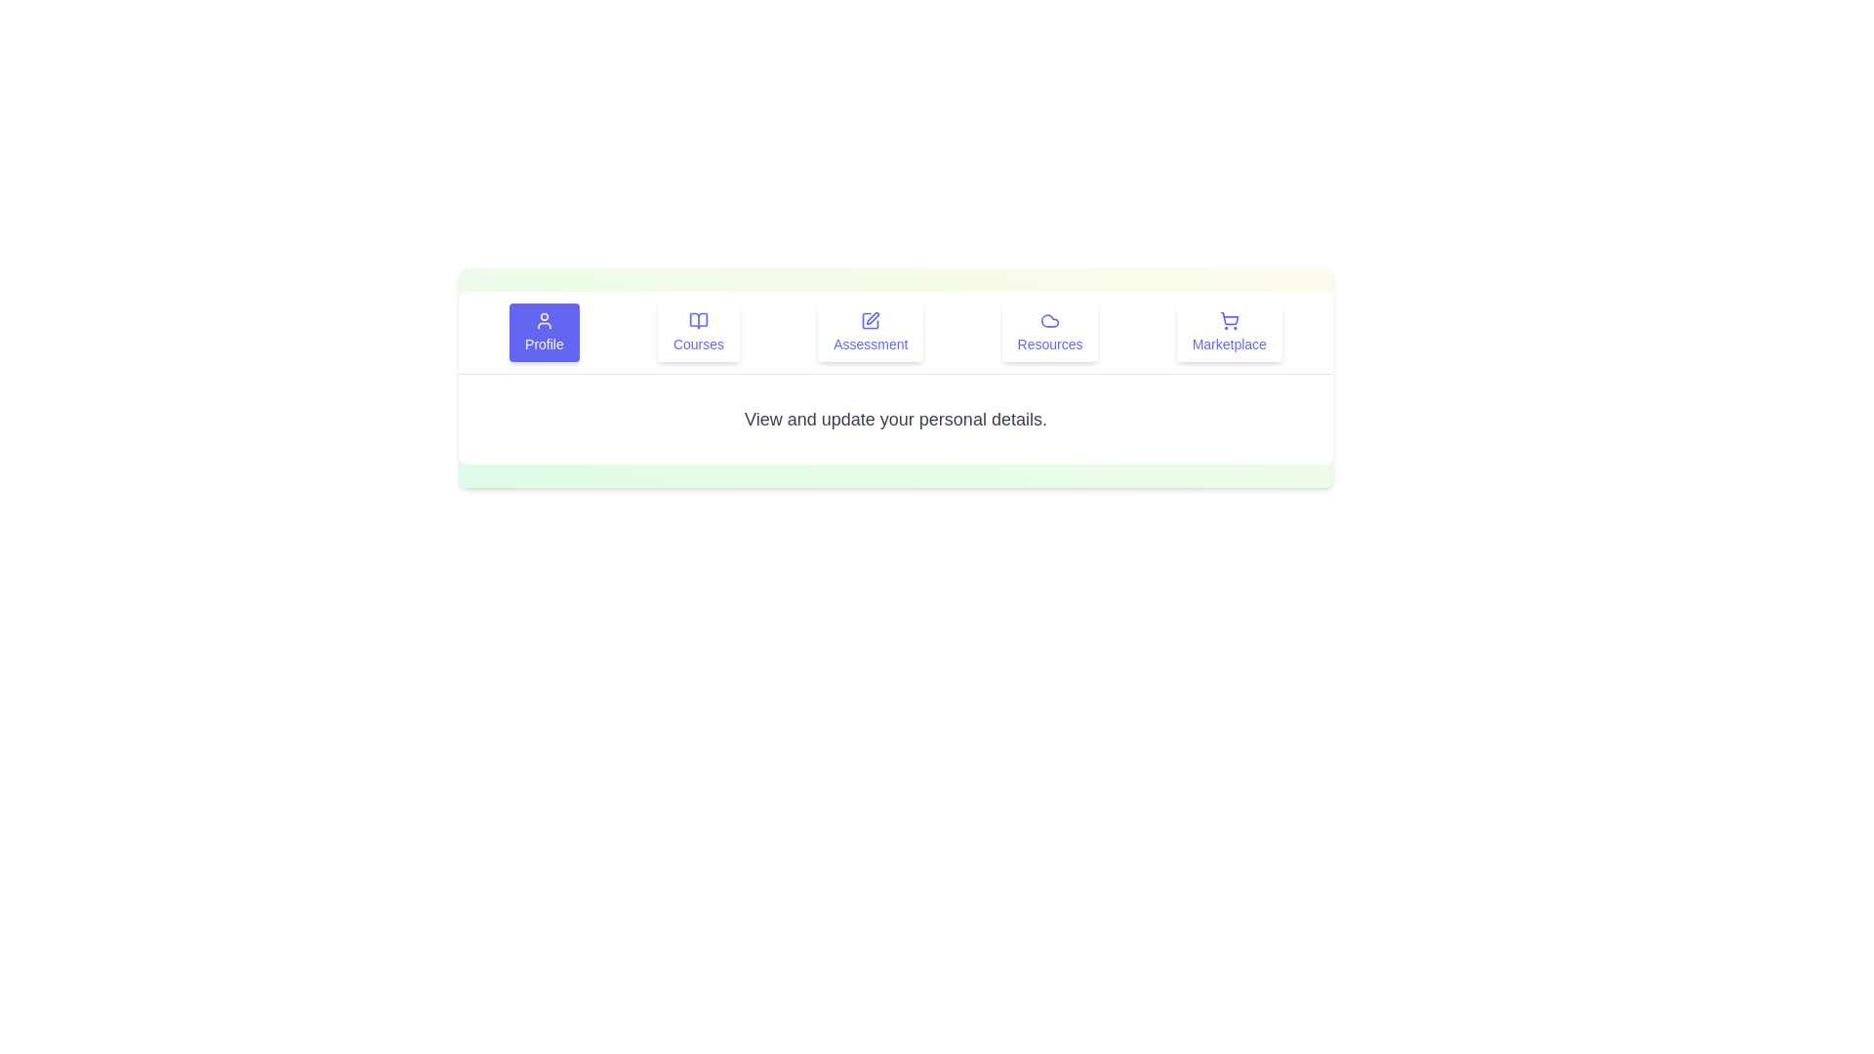  Describe the element at coordinates (1228, 331) in the screenshot. I see `the 'Marketplace' button, which is the fifth item in the navigation bar with a white background and a blue shopping cart icon` at that location.